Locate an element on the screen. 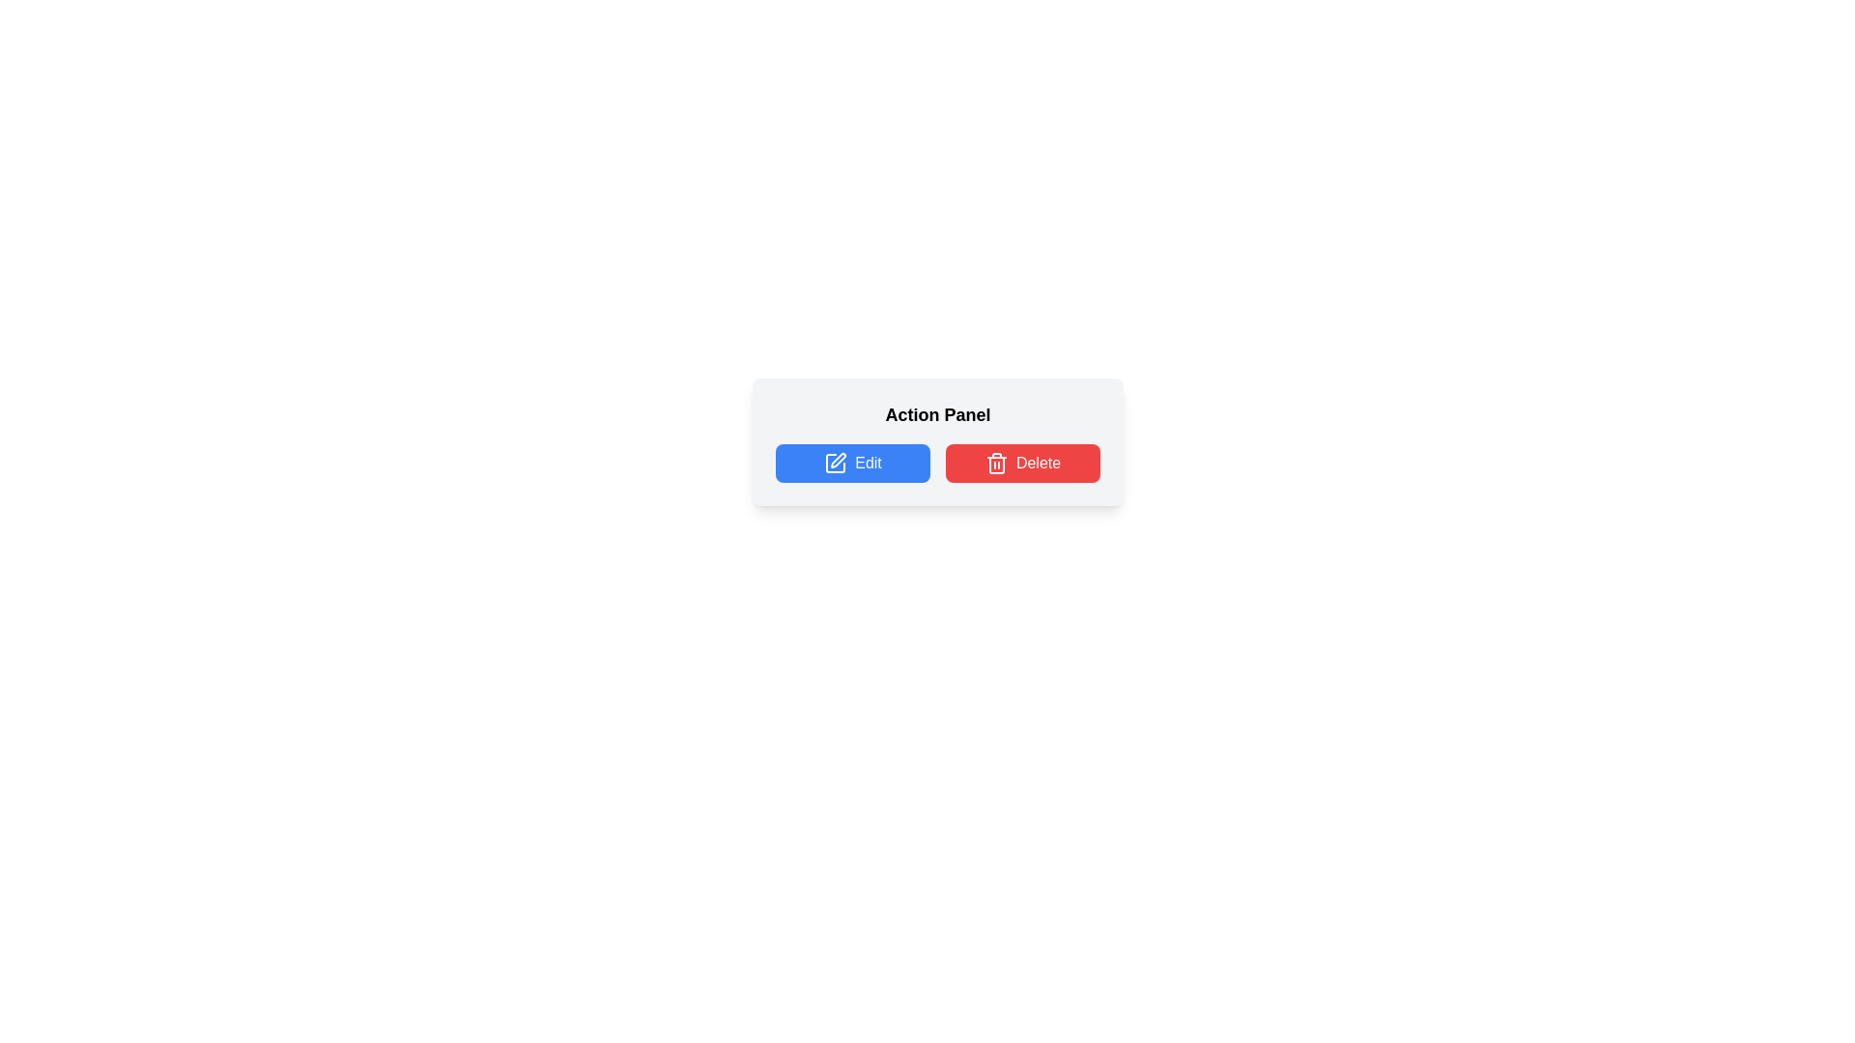 The height and width of the screenshot is (1043, 1855). the edit icon, which resembles a pencil and rectangle, located within the blue 'Edit' button is located at coordinates (835, 463).